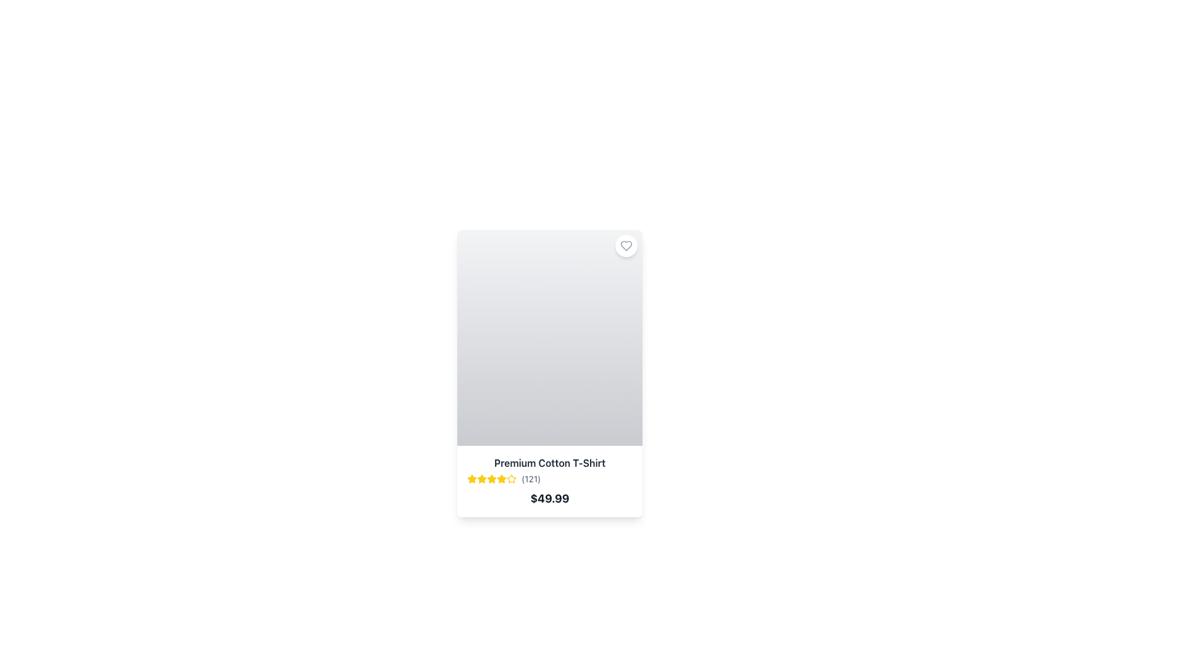 This screenshot has width=1185, height=666. Describe the element at coordinates (549, 498) in the screenshot. I see `price displayed ('$49.99') in bold text located at the bottom of the product details section, below the product name 'Premium Cotton T-Shirt'` at that location.